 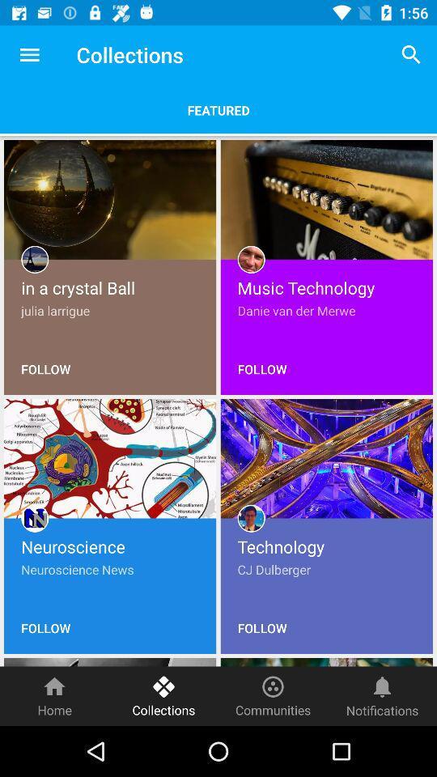 I want to click on the featured icon, so click(x=218, y=109).